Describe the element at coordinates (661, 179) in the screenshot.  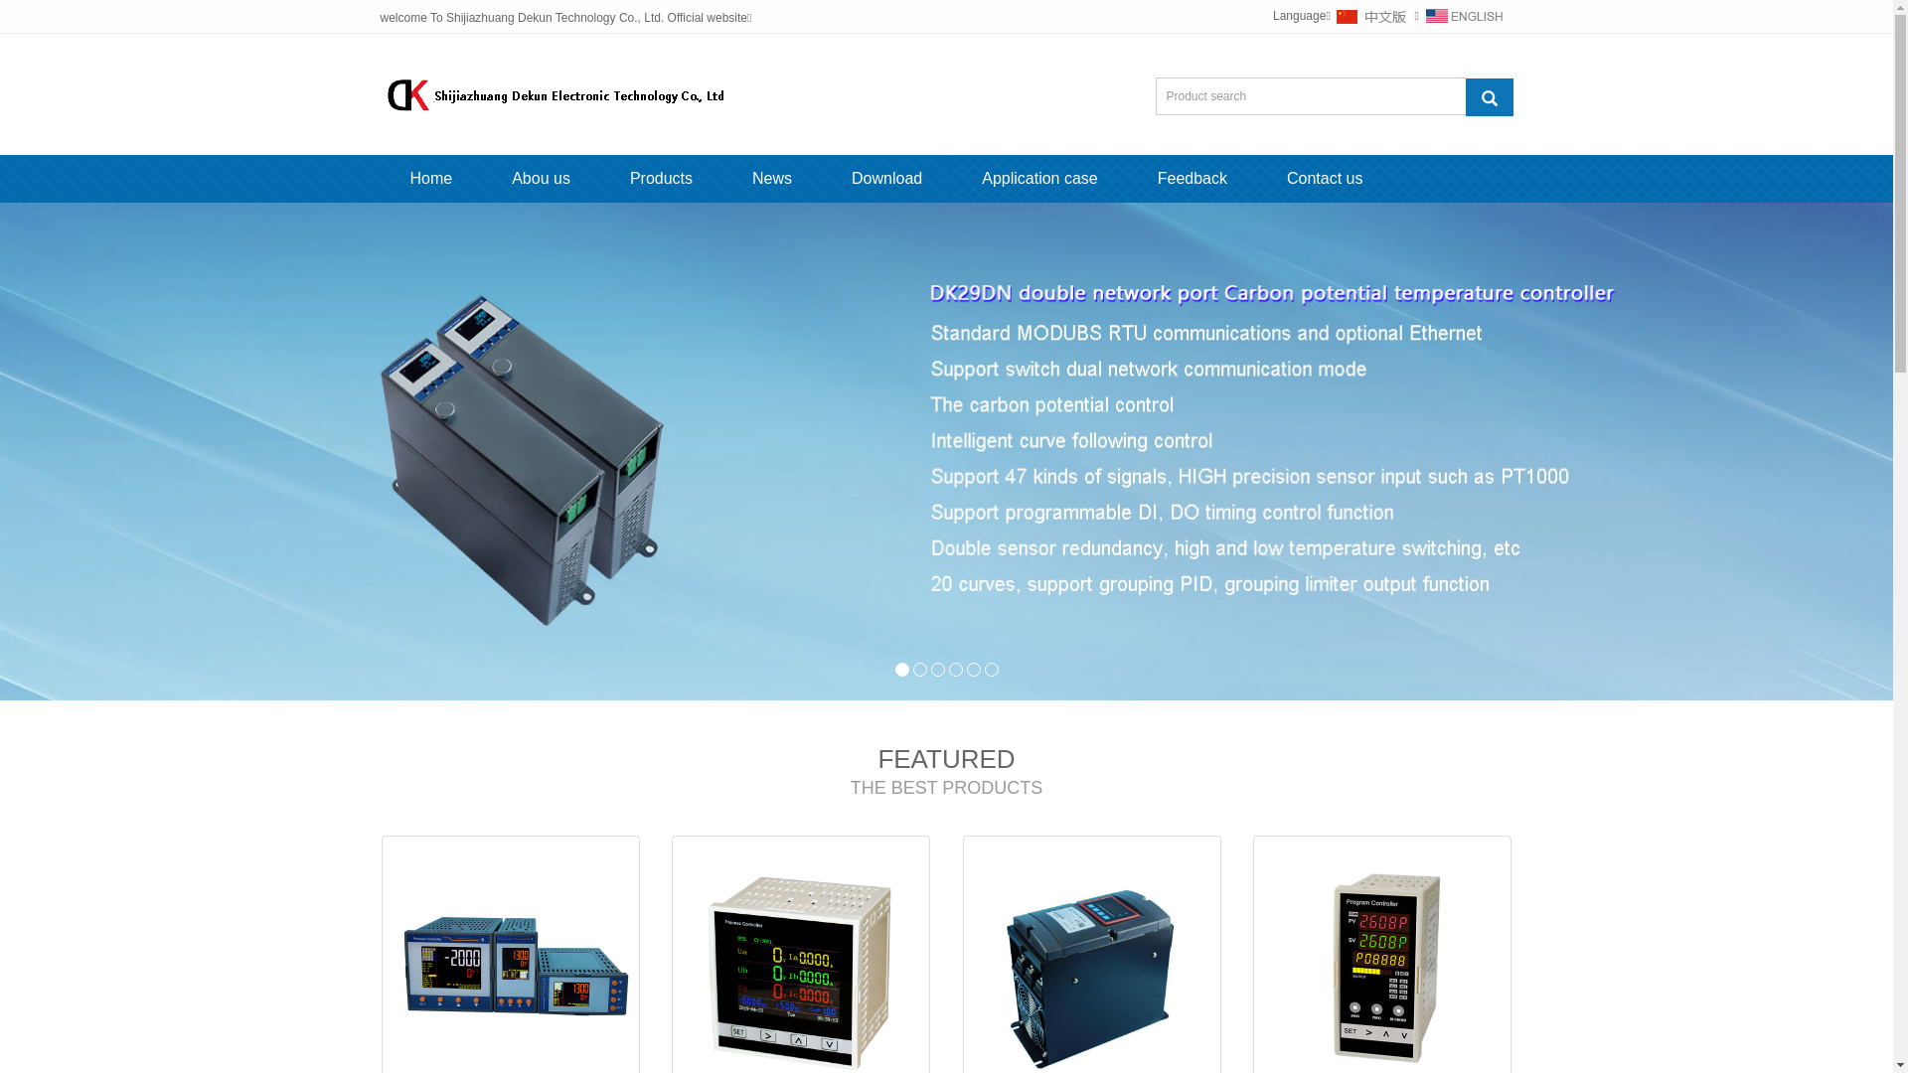
I see `'Products'` at that location.